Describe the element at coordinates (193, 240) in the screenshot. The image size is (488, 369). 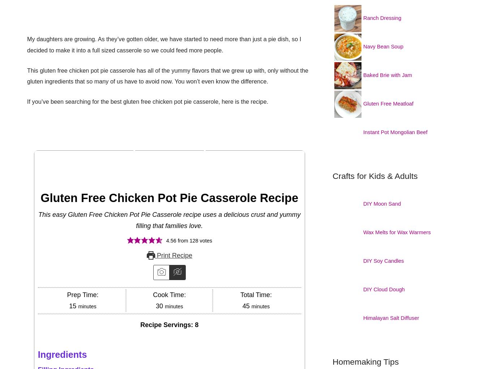
I see `'128'` at that location.